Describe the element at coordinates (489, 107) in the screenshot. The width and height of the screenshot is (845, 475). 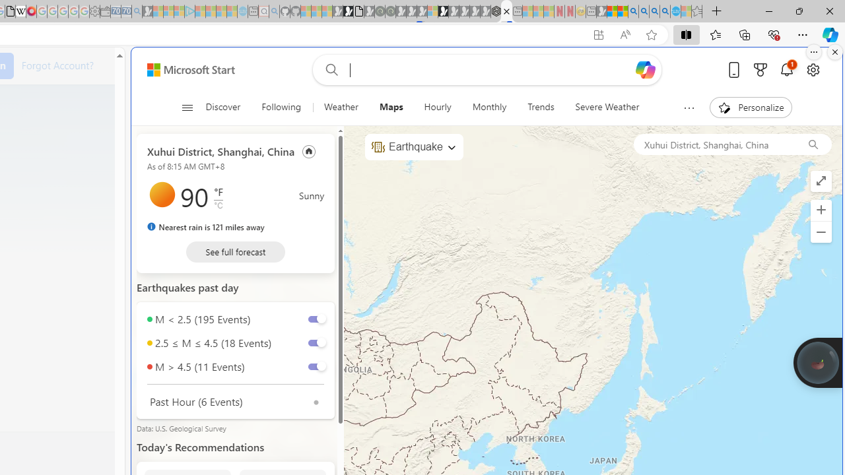
I see `'Monthly'` at that location.